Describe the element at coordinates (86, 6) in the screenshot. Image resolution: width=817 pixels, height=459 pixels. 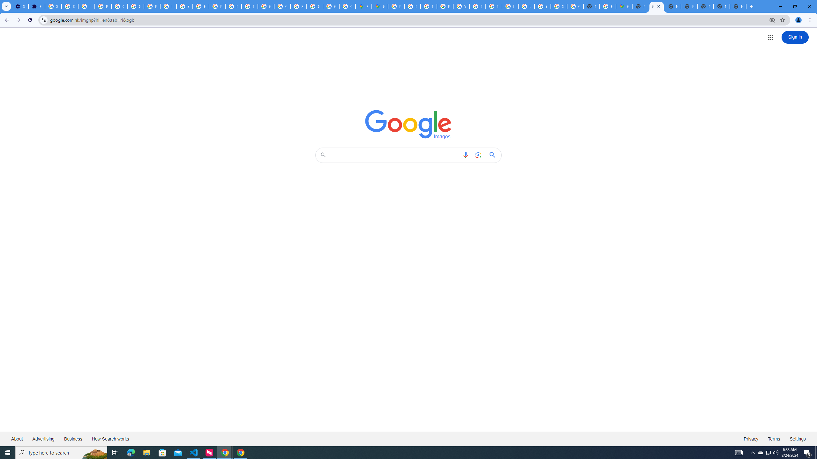
I see `'Learn how to find your photos - Google Photos Help'` at that location.